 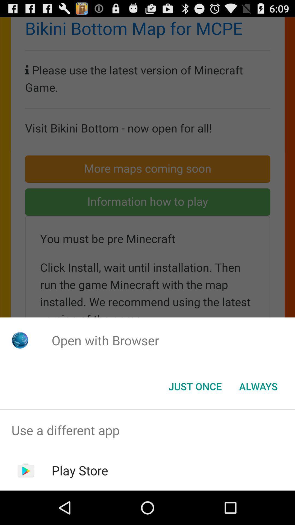 I want to click on the item next to the always, so click(x=195, y=386).